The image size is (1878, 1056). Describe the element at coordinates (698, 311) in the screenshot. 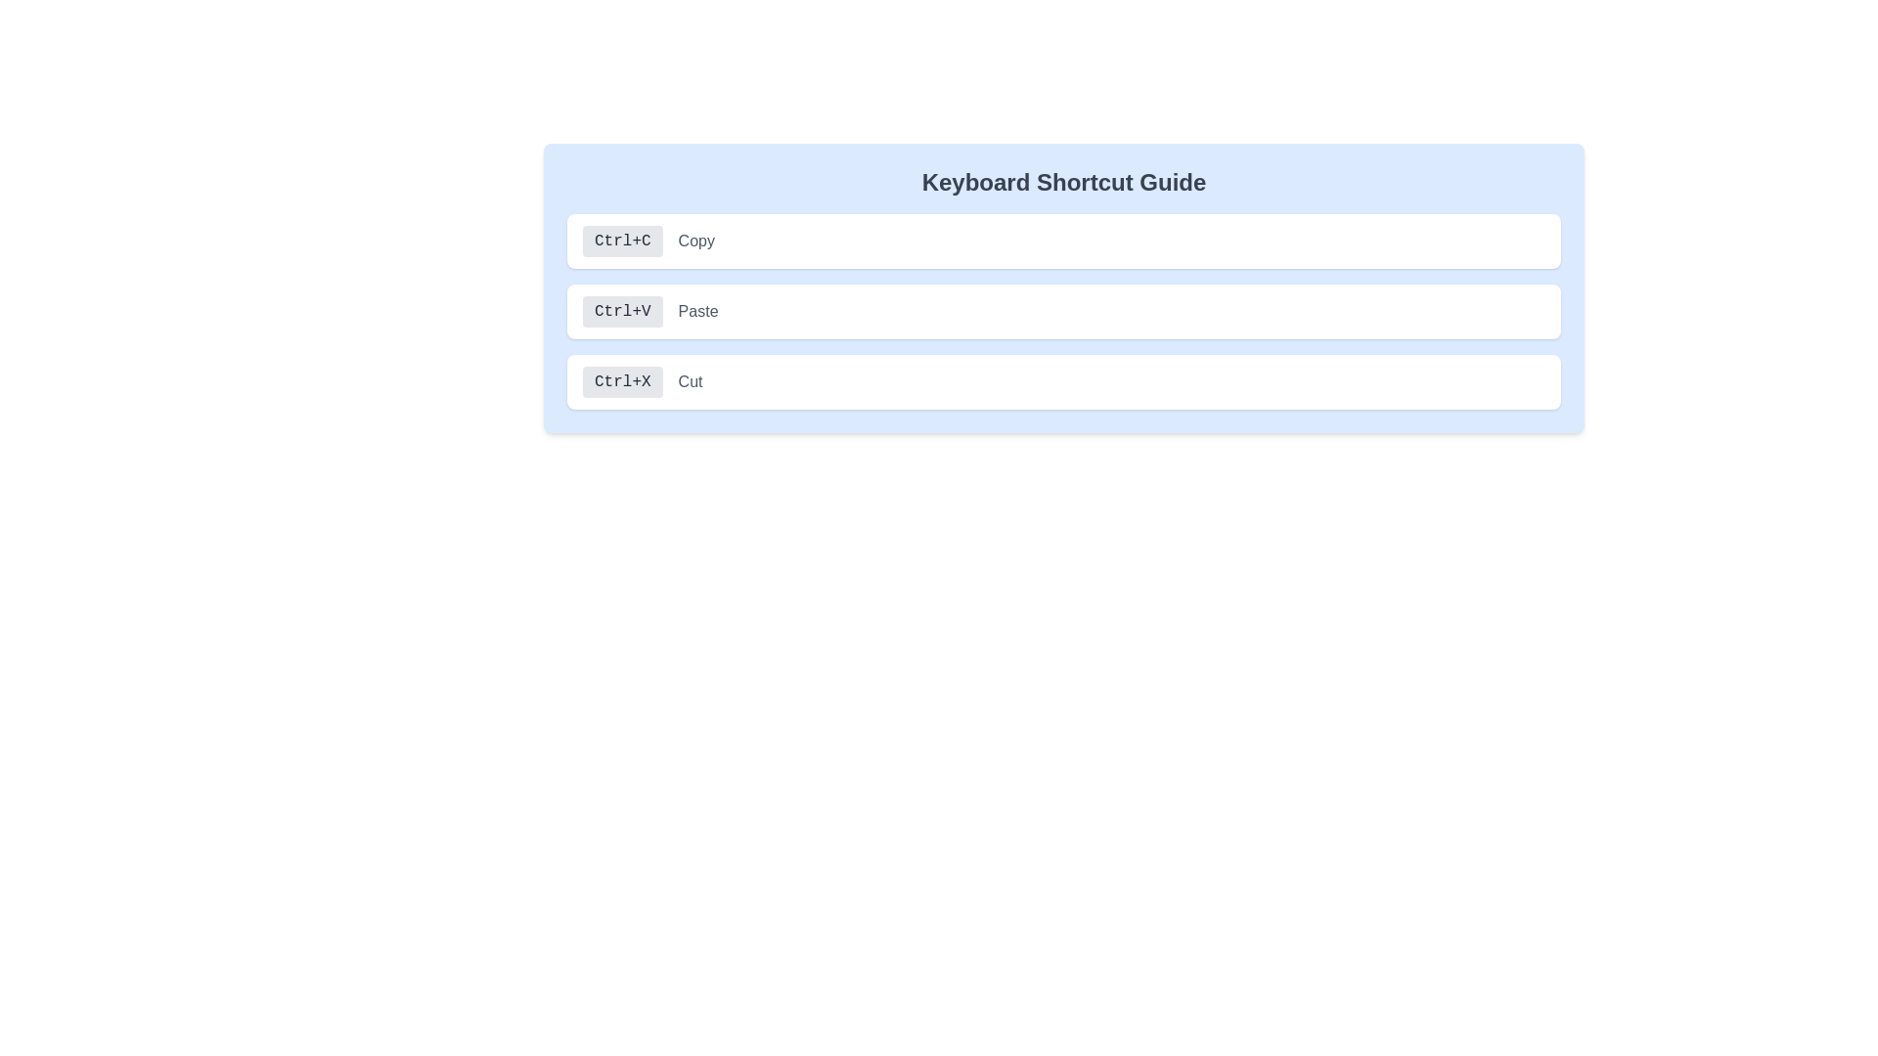

I see `the label indicating the function associated with the 'Ctrl+V' keyboard shortcut in the second row of the Keyboard Shortcut Guide interface` at that location.